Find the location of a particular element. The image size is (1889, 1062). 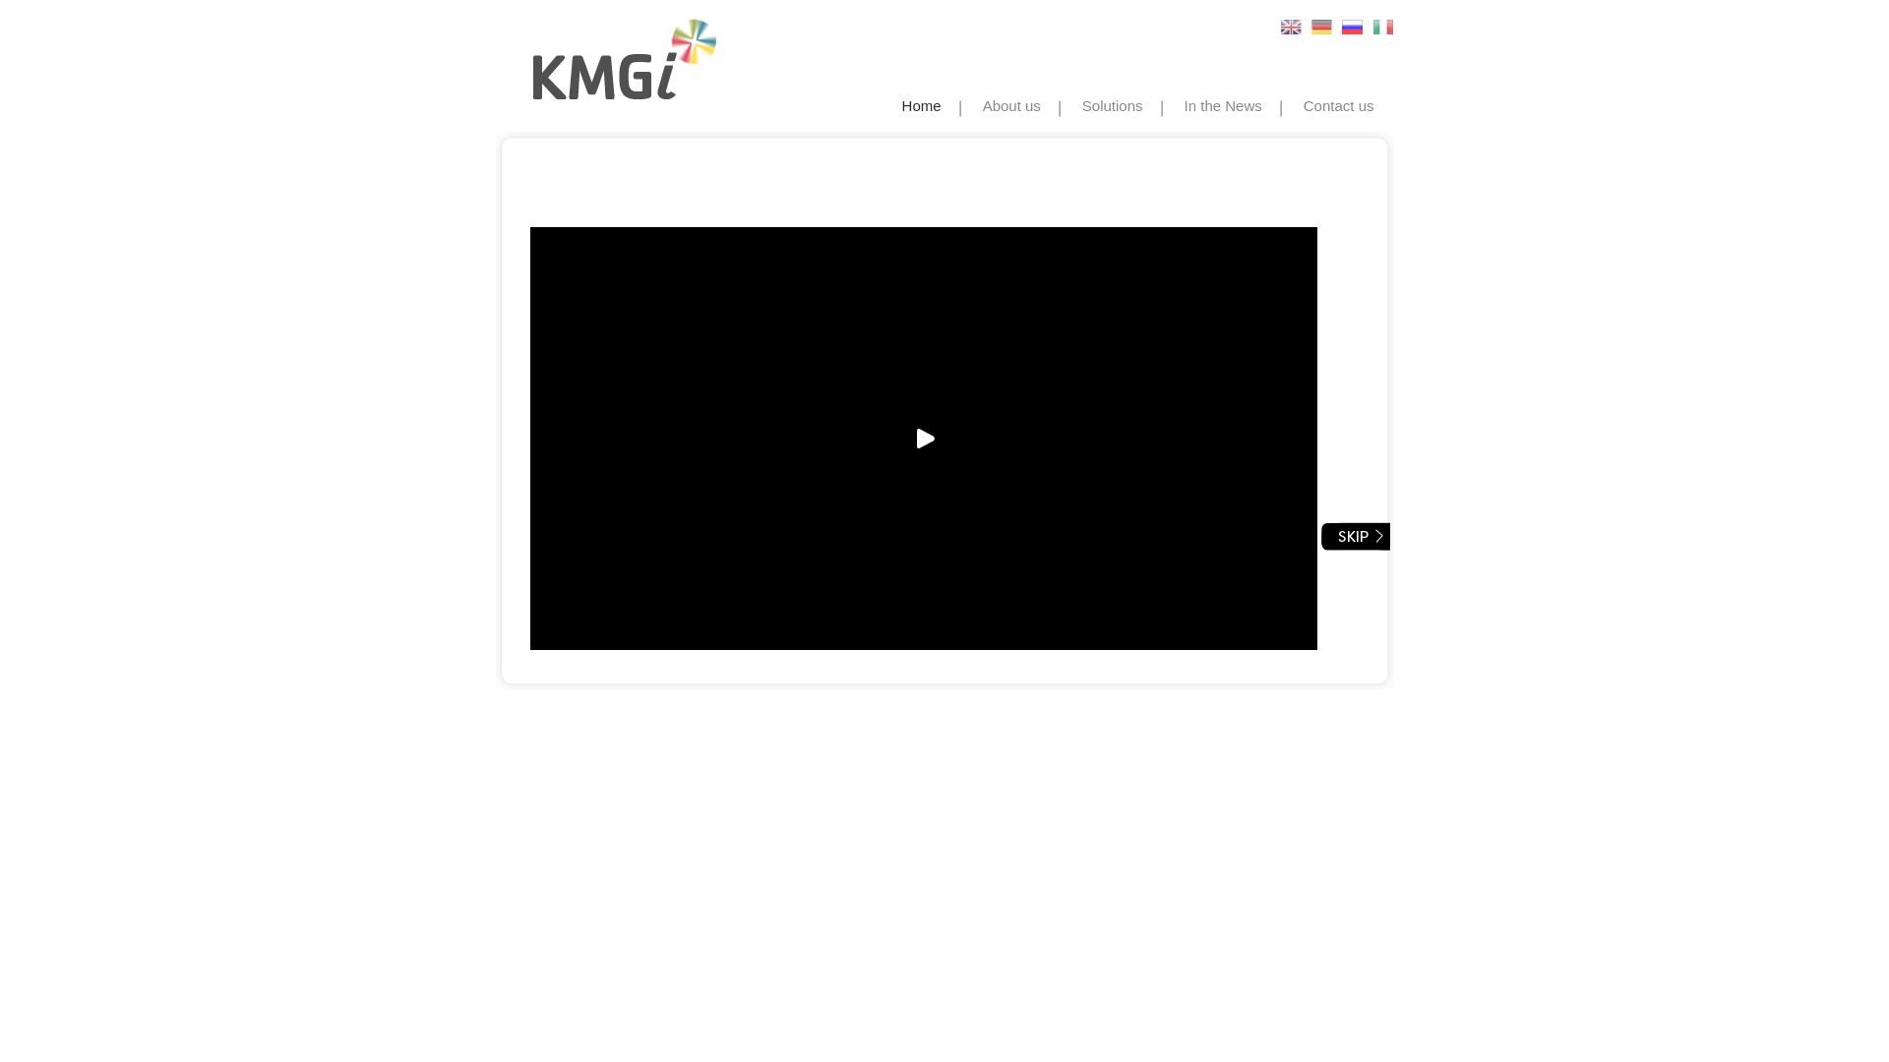

'Italian' is located at coordinates (1382, 27).